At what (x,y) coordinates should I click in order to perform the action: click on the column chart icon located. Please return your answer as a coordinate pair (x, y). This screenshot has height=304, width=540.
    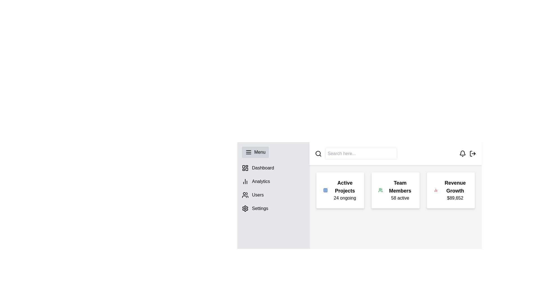
    Looking at the image, I should click on (245, 181).